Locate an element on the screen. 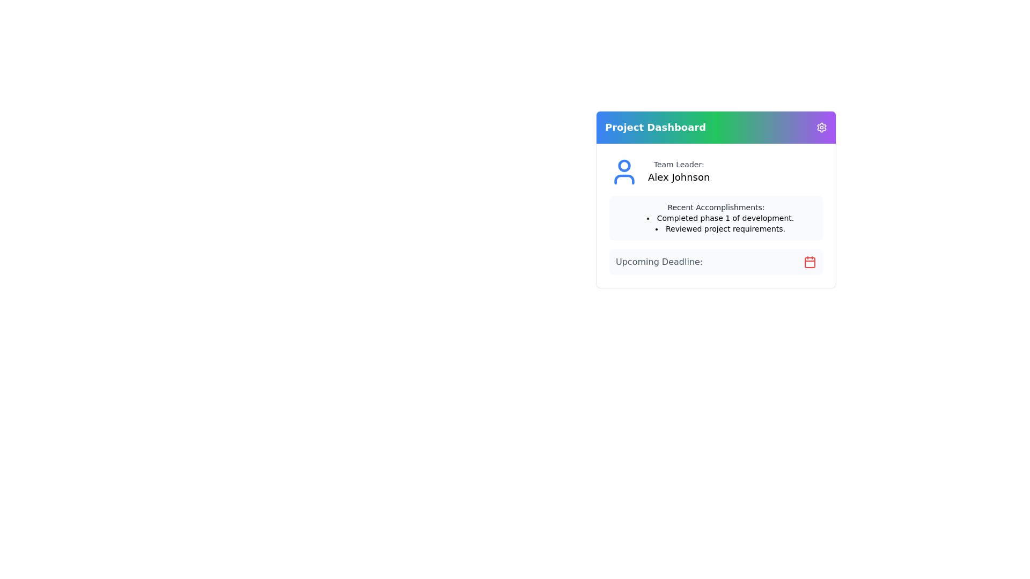 Image resolution: width=1030 pixels, height=579 pixels. the label indicating the team leader's name, which is located directly above the name 'Alex Johnson' in the upper section of the project dashboard card is located at coordinates (678, 165).